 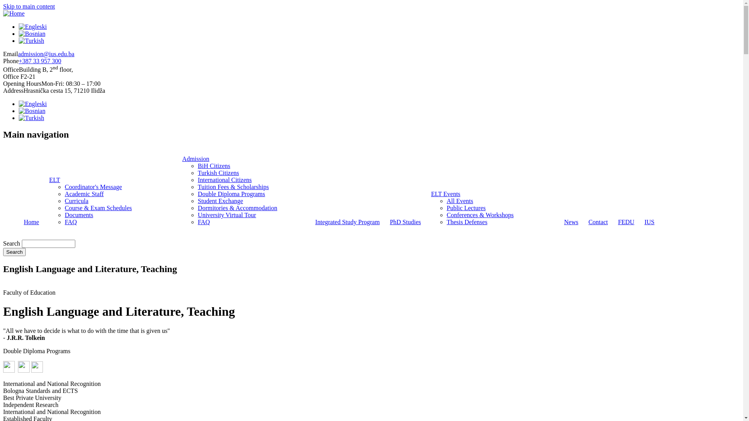 What do you see at coordinates (31, 118) in the screenshot?
I see `'Turkish'` at bounding box center [31, 118].